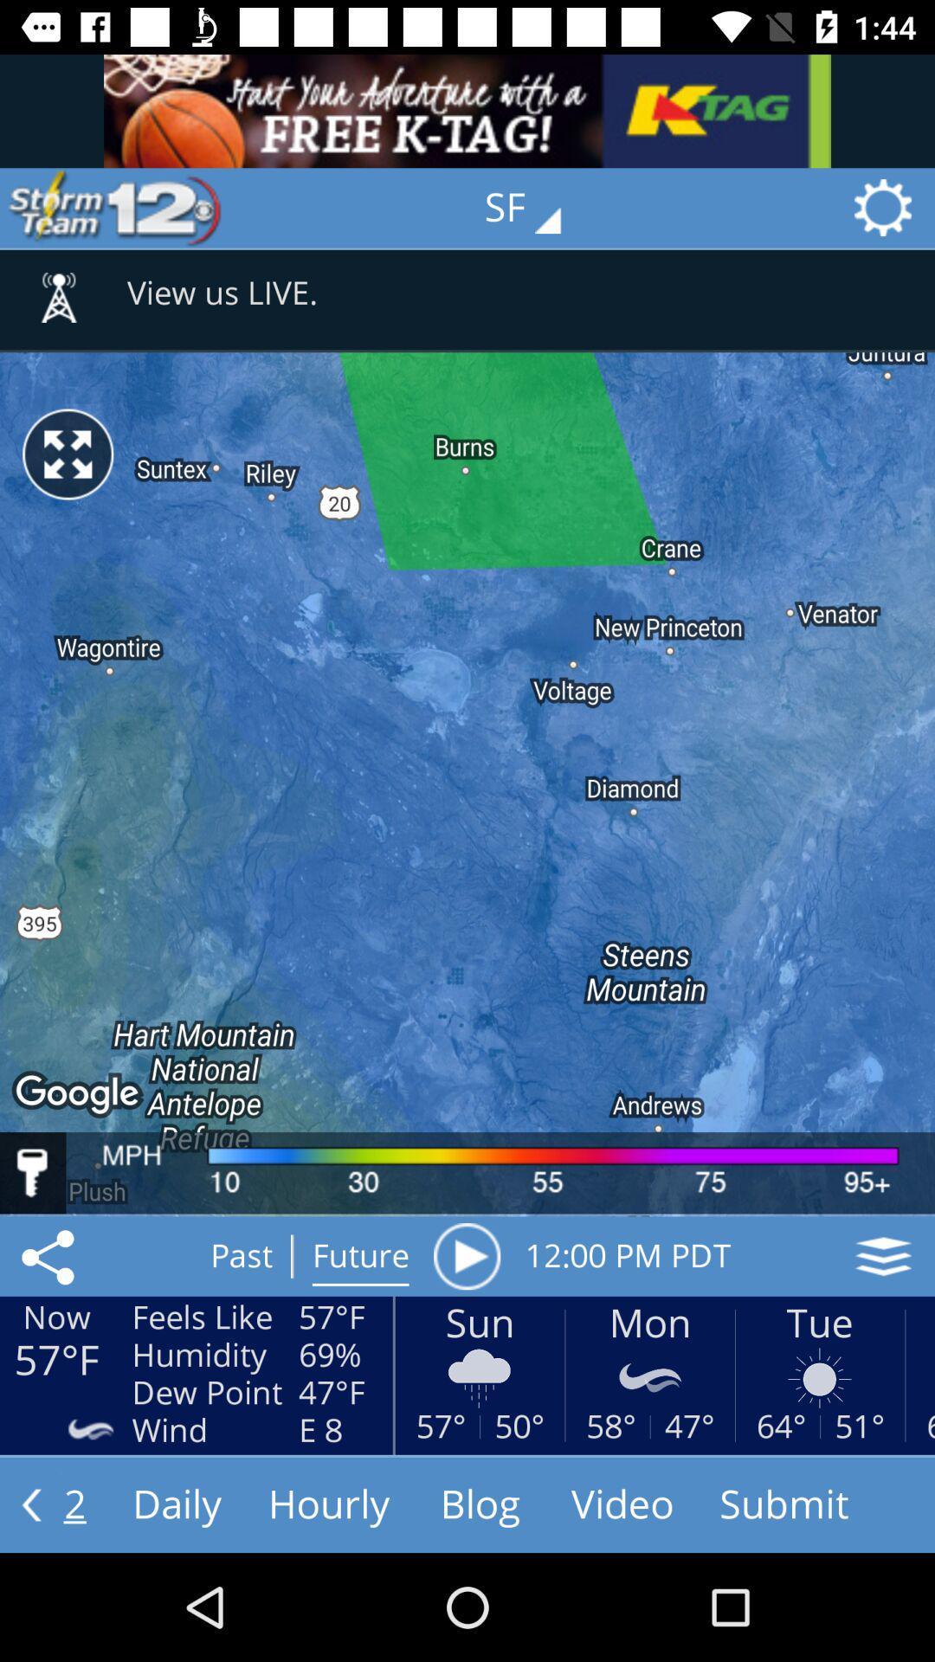 The image size is (935, 1662). Describe the element at coordinates (466, 1256) in the screenshot. I see `the icon next to 12 00 pm icon` at that location.